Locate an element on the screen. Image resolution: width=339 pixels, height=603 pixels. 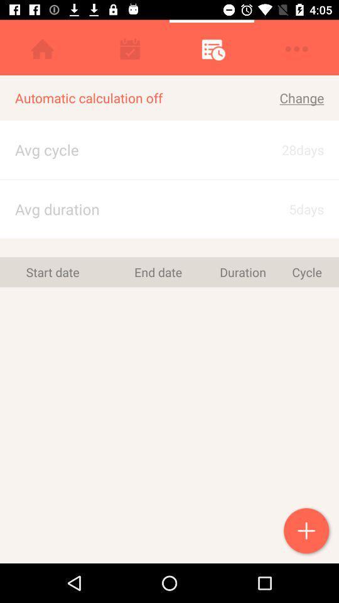
the add icon is located at coordinates (307, 531).